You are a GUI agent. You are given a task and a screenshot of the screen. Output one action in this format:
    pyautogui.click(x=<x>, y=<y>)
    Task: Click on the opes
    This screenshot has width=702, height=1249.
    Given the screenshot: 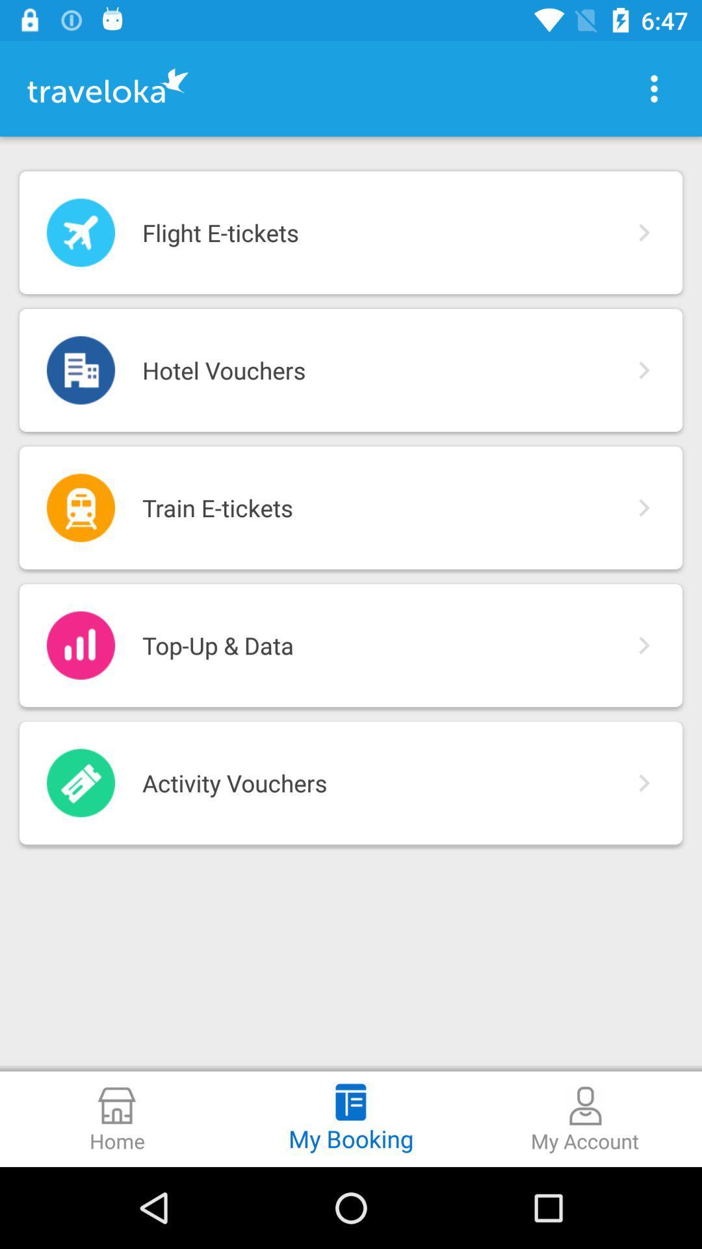 What is the action you would take?
    pyautogui.click(x=654, y=88)
    